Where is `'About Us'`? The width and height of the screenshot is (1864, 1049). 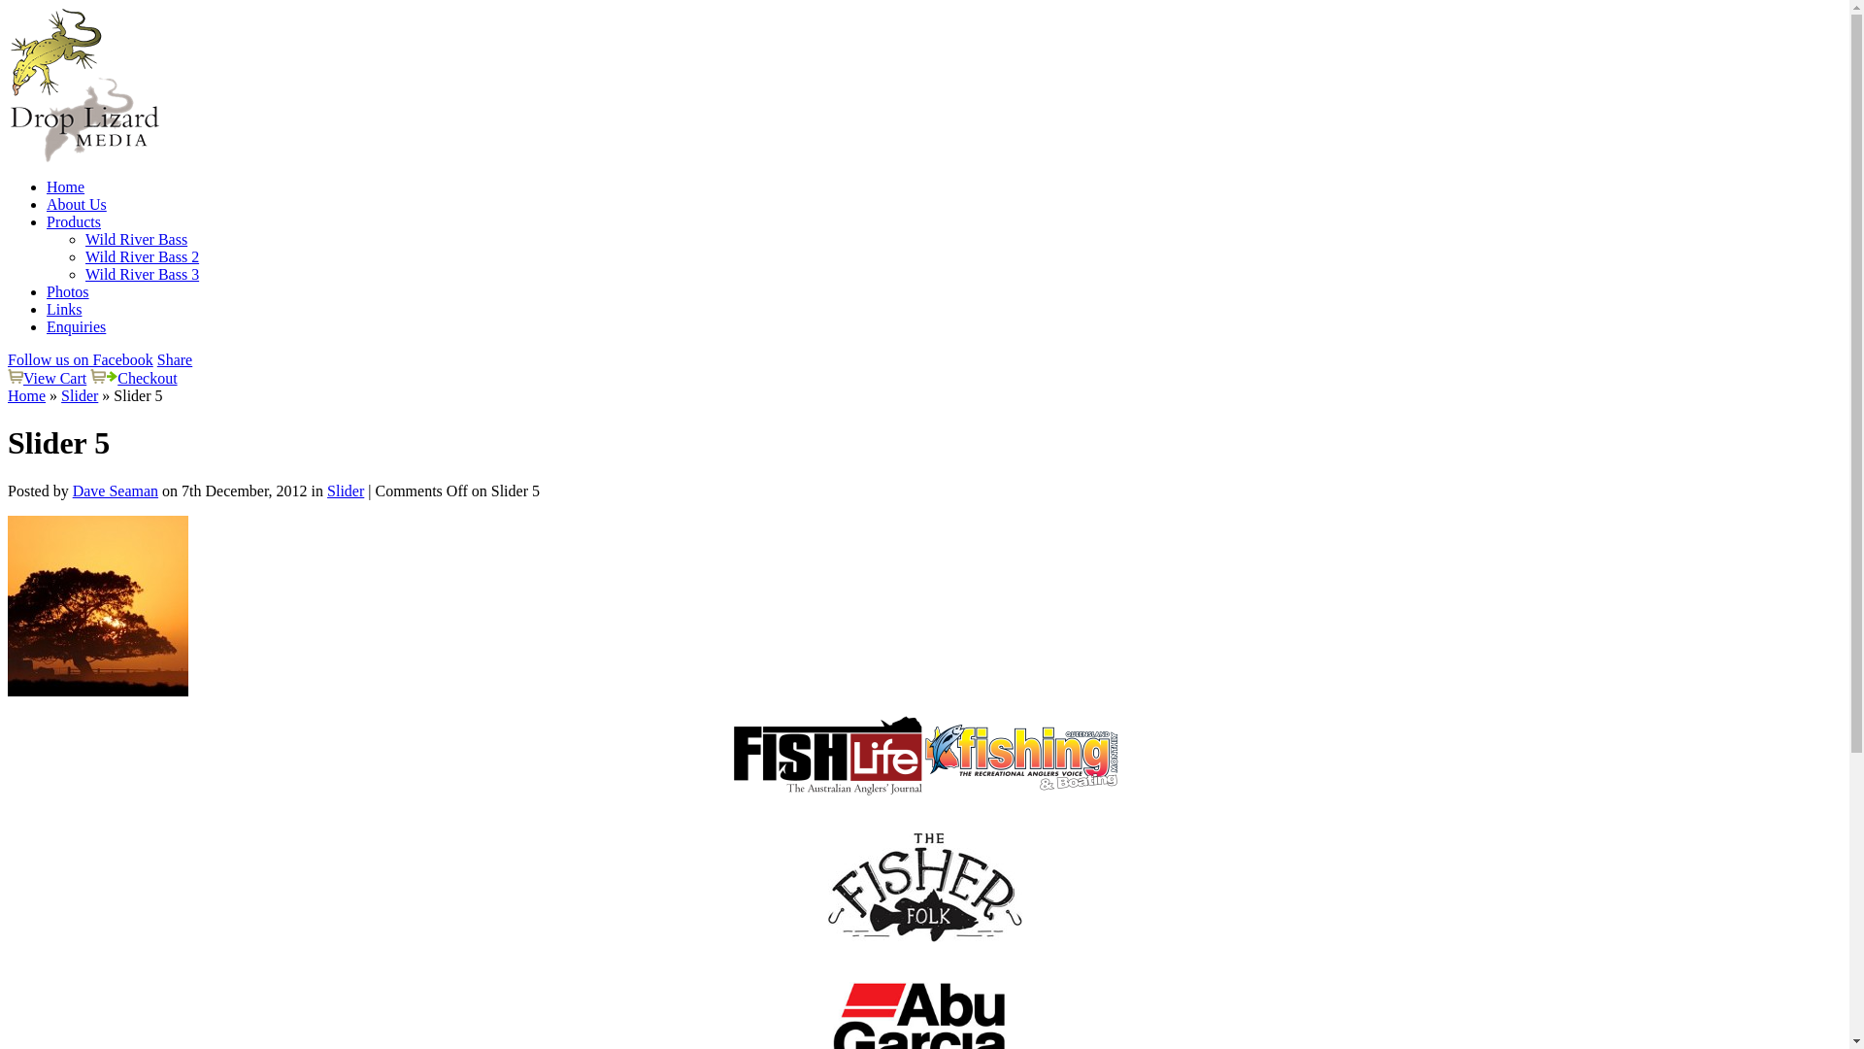 'About Us' is located at coordinates (76, 204).